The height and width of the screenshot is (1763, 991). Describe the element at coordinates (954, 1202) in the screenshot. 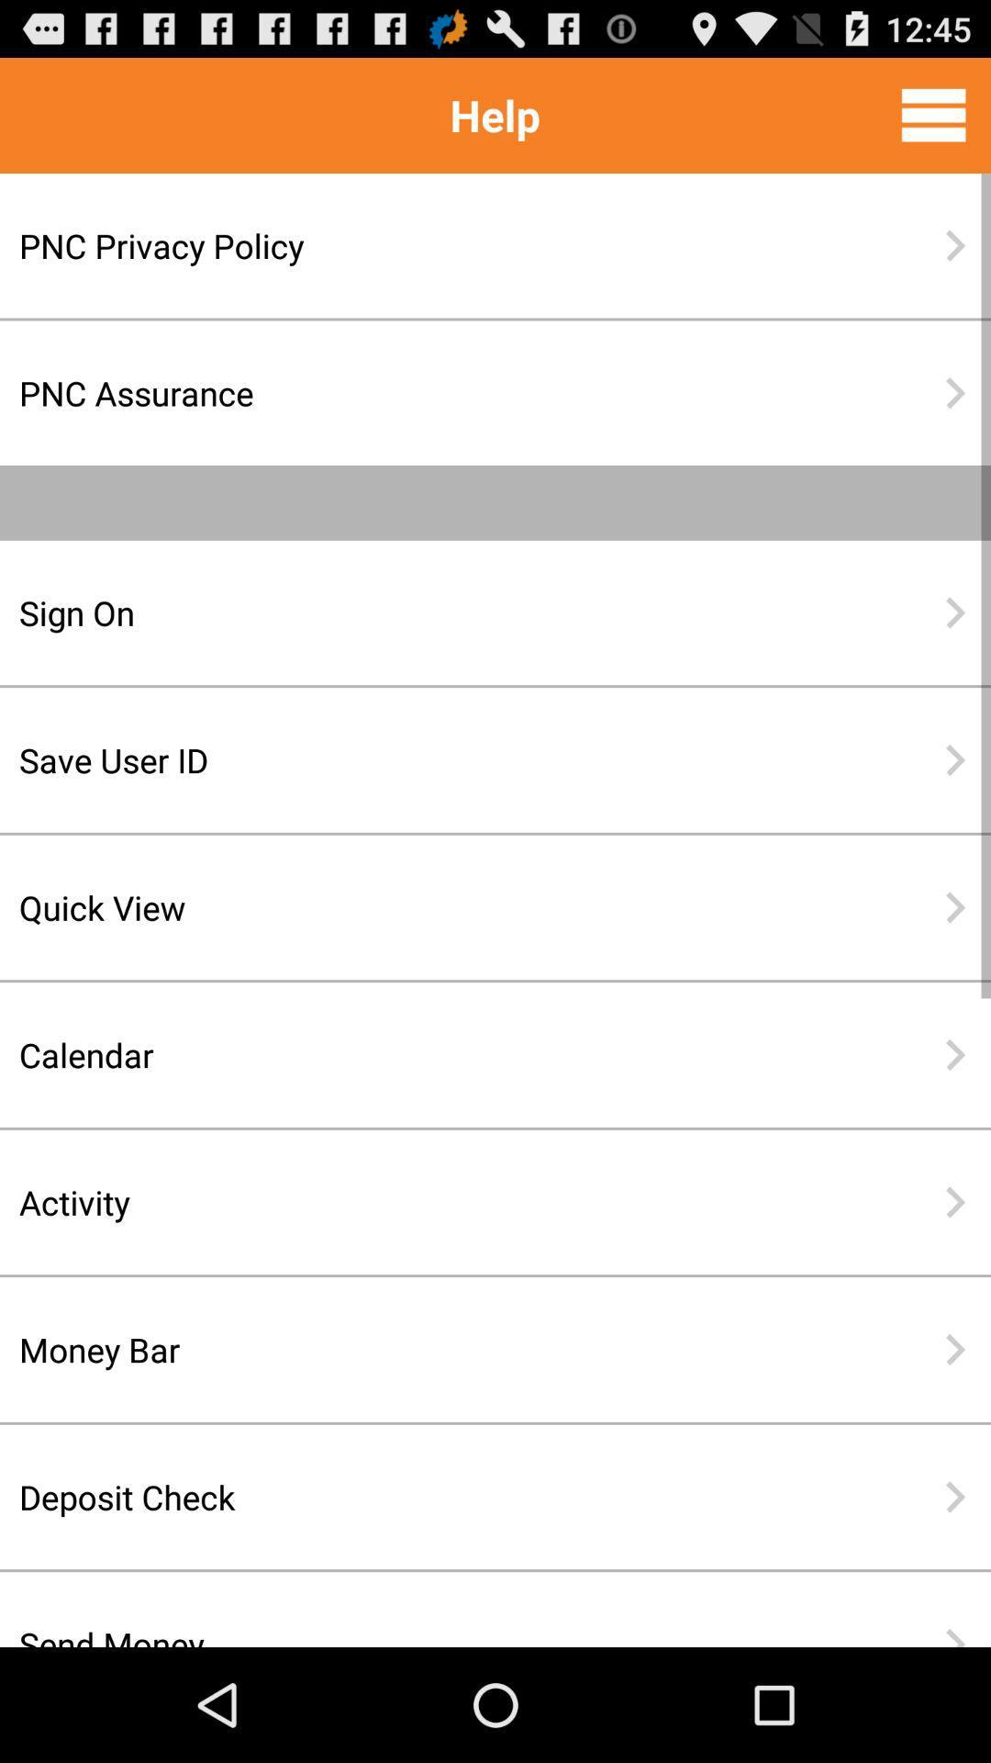

I see `the item next to activity icon` at that location.